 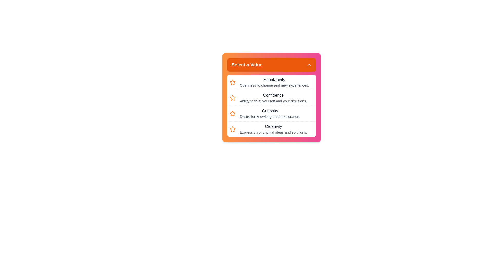 I want to click on the first item in the selectable list, which is located inside a rounded, shadowed panel directly below the panel's header, so click(x=271, y=82).